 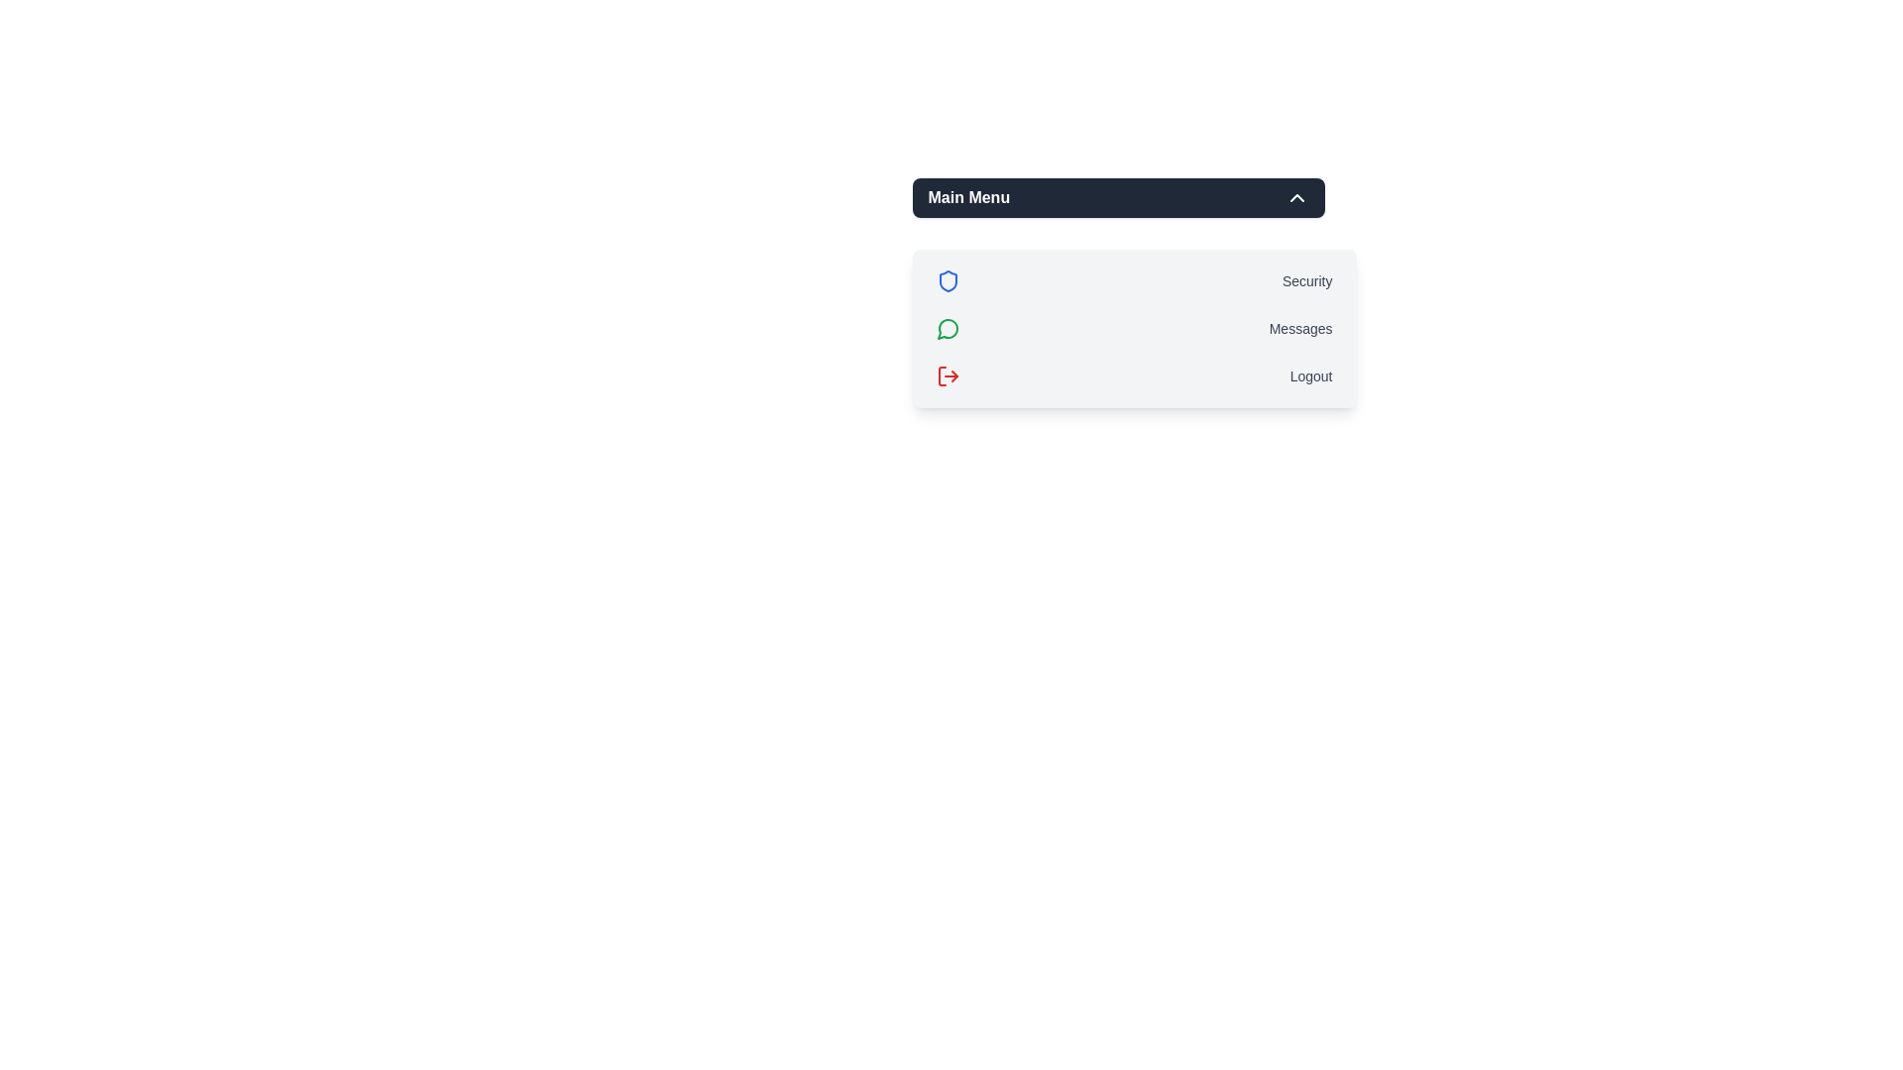 I want to click on the shield icon with a blue border and red central area in the 'Main Menu' dropdown, associated with the 'Security' label, so click(x=947, y=281).